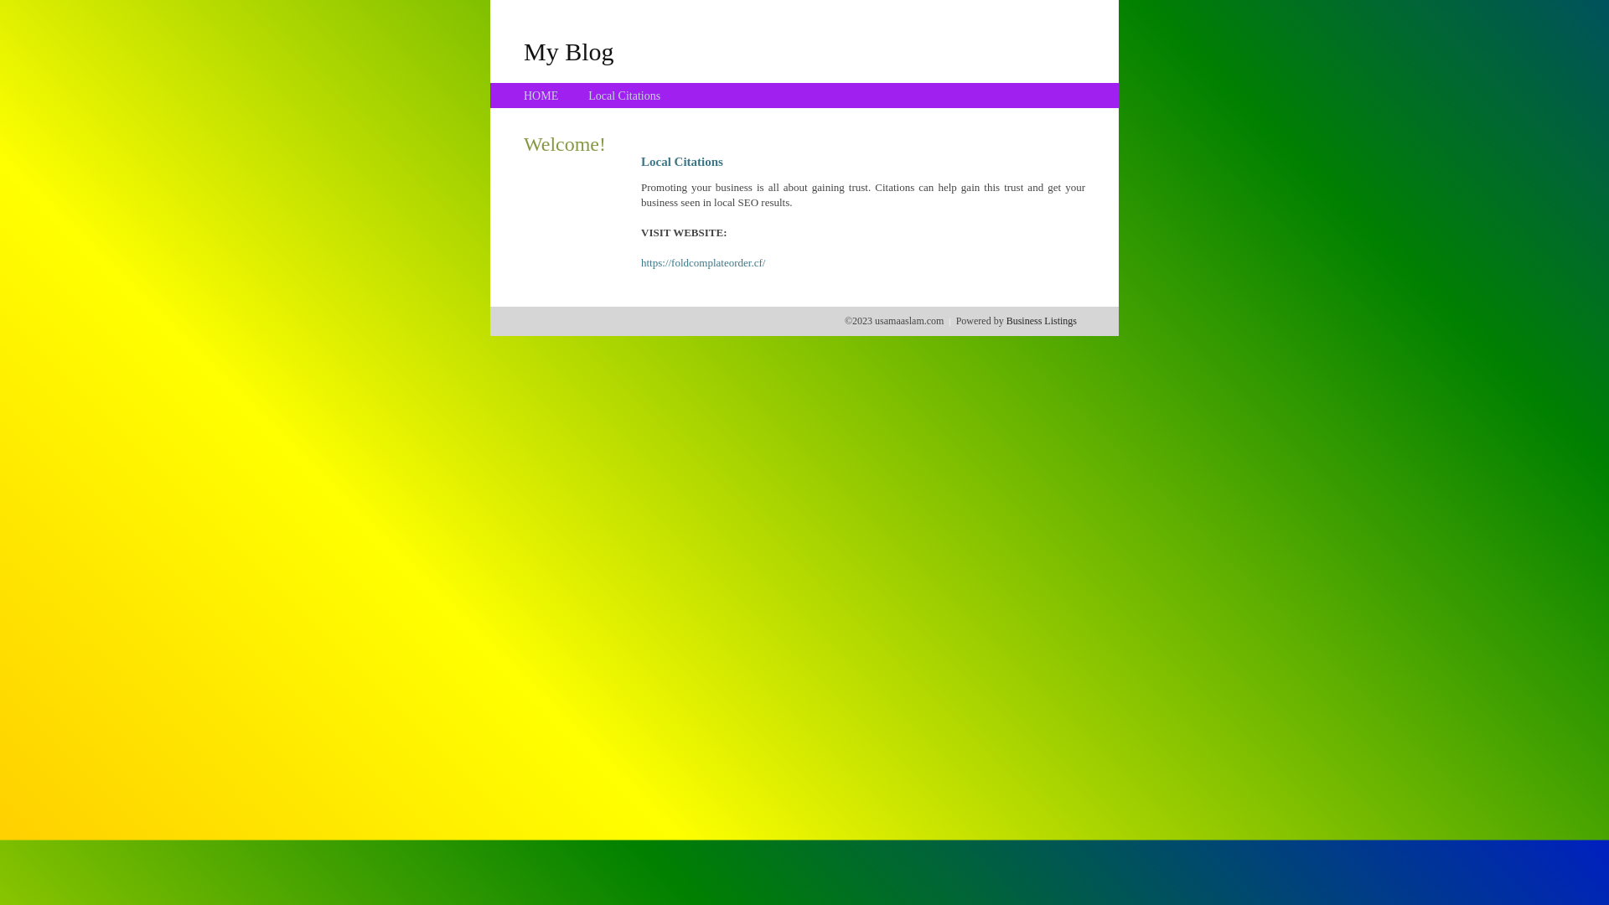 The image size is (1609, 905). What do you see at coordinates (623, 96) in the screenshot?
I see `'Local Citations'` at bounding box center [623, 96].